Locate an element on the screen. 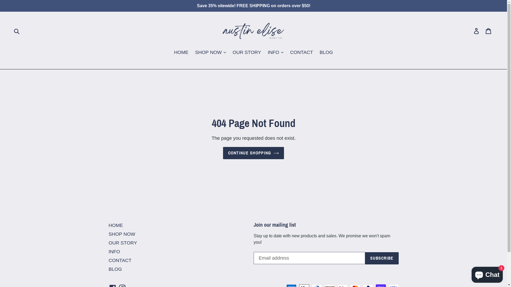  'HOME' is located at coordinates (171, 52).